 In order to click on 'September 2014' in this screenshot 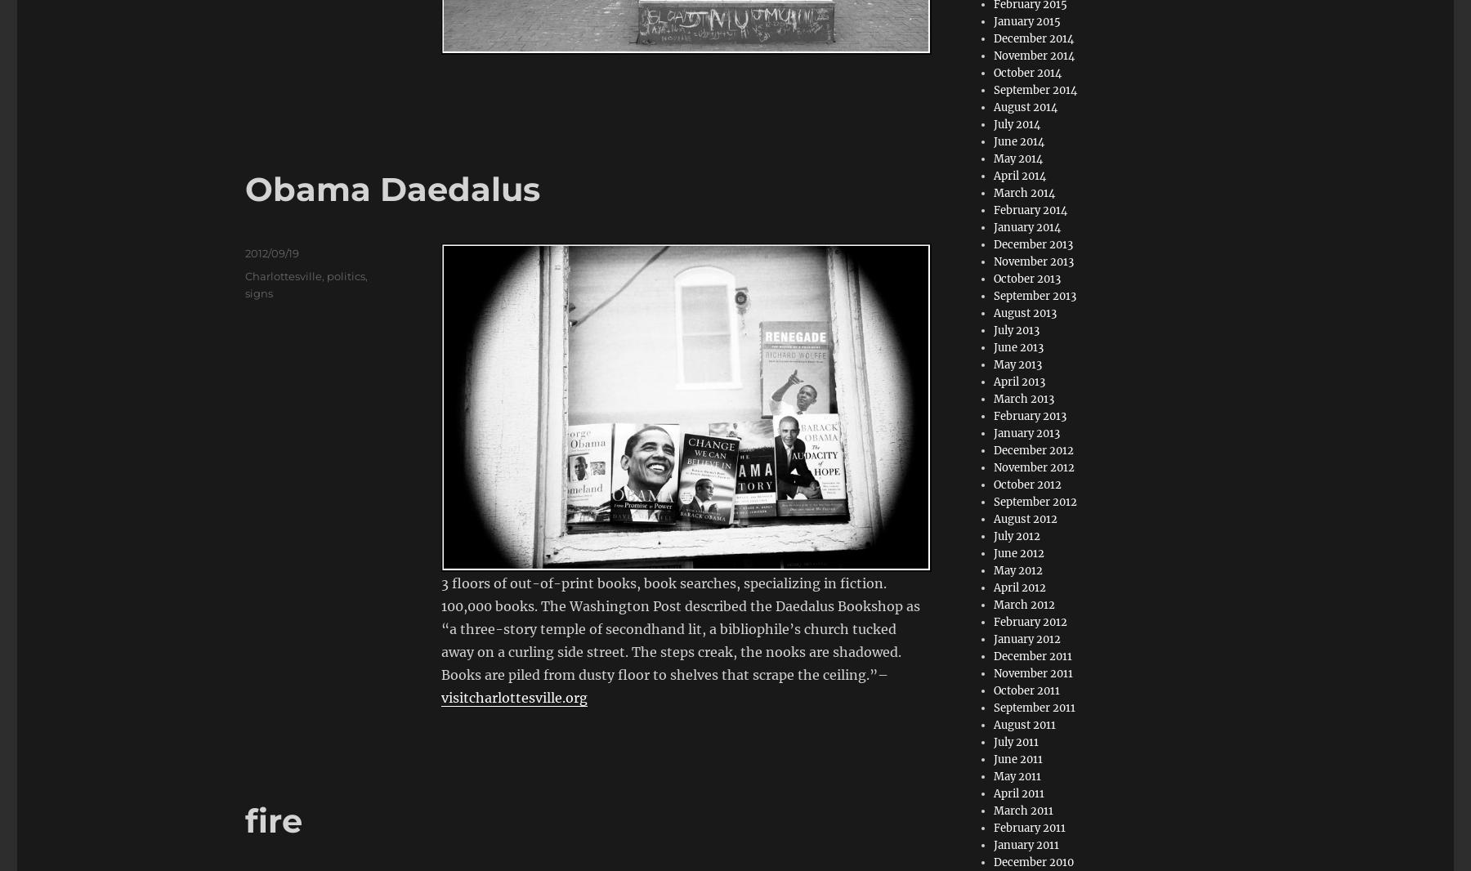, I will do `click(1035, 89)`.